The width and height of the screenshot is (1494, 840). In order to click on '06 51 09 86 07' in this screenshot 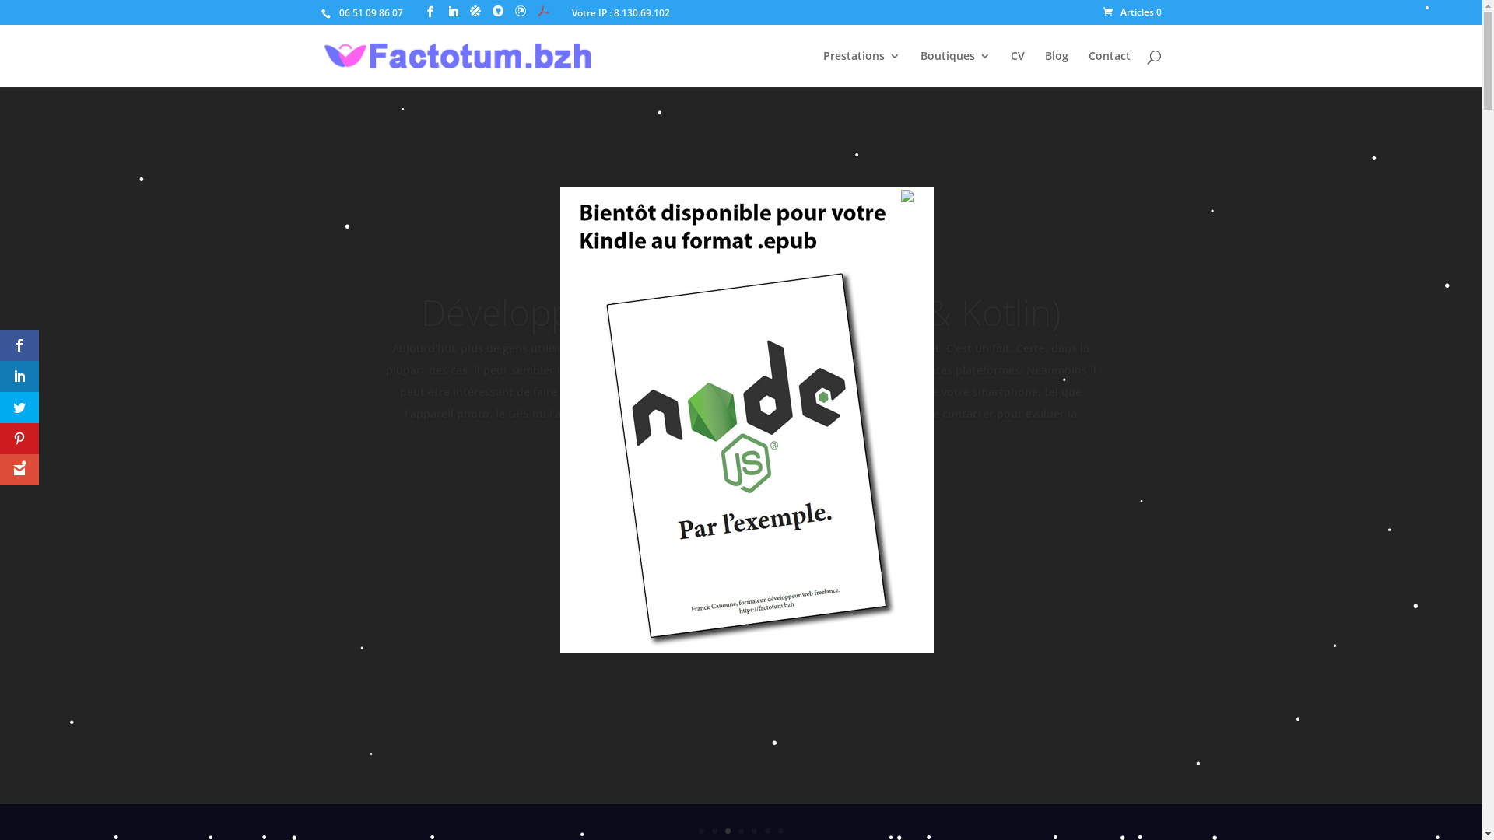, I will do `click(368, 12)`.